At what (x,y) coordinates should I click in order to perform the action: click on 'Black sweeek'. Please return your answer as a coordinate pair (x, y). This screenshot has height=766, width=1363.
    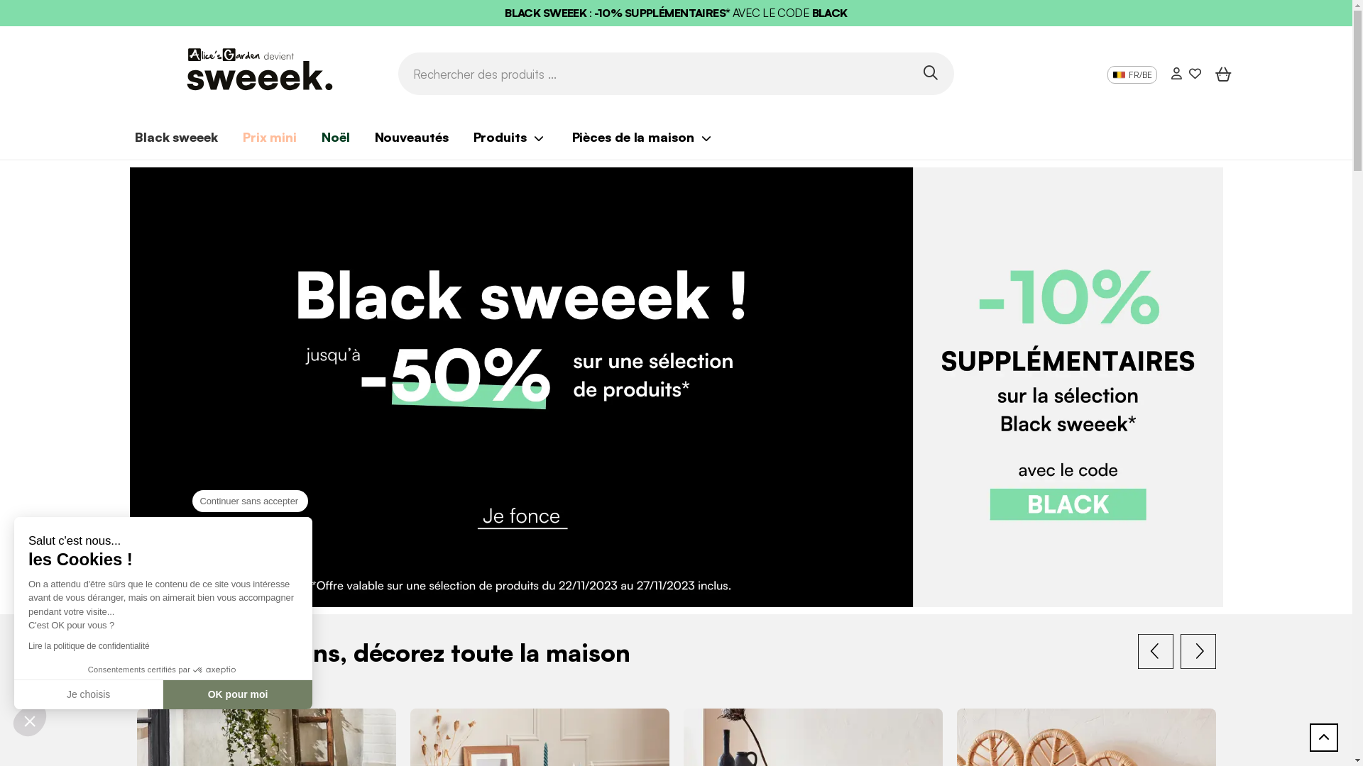
    Looking at the image, I should click on (135, 136).